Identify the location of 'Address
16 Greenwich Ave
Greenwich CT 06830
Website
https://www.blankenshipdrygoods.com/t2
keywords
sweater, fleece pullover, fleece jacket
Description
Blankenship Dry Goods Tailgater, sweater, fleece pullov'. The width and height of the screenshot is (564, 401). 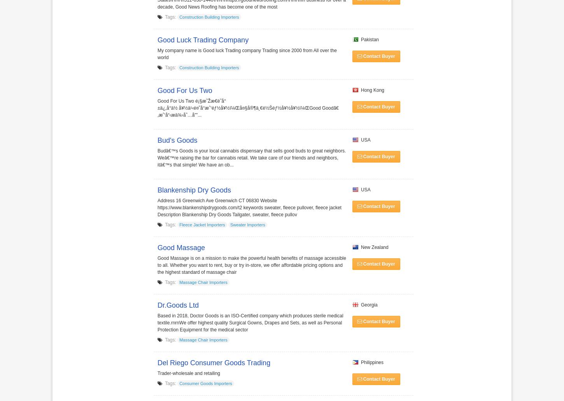
(249, 207).